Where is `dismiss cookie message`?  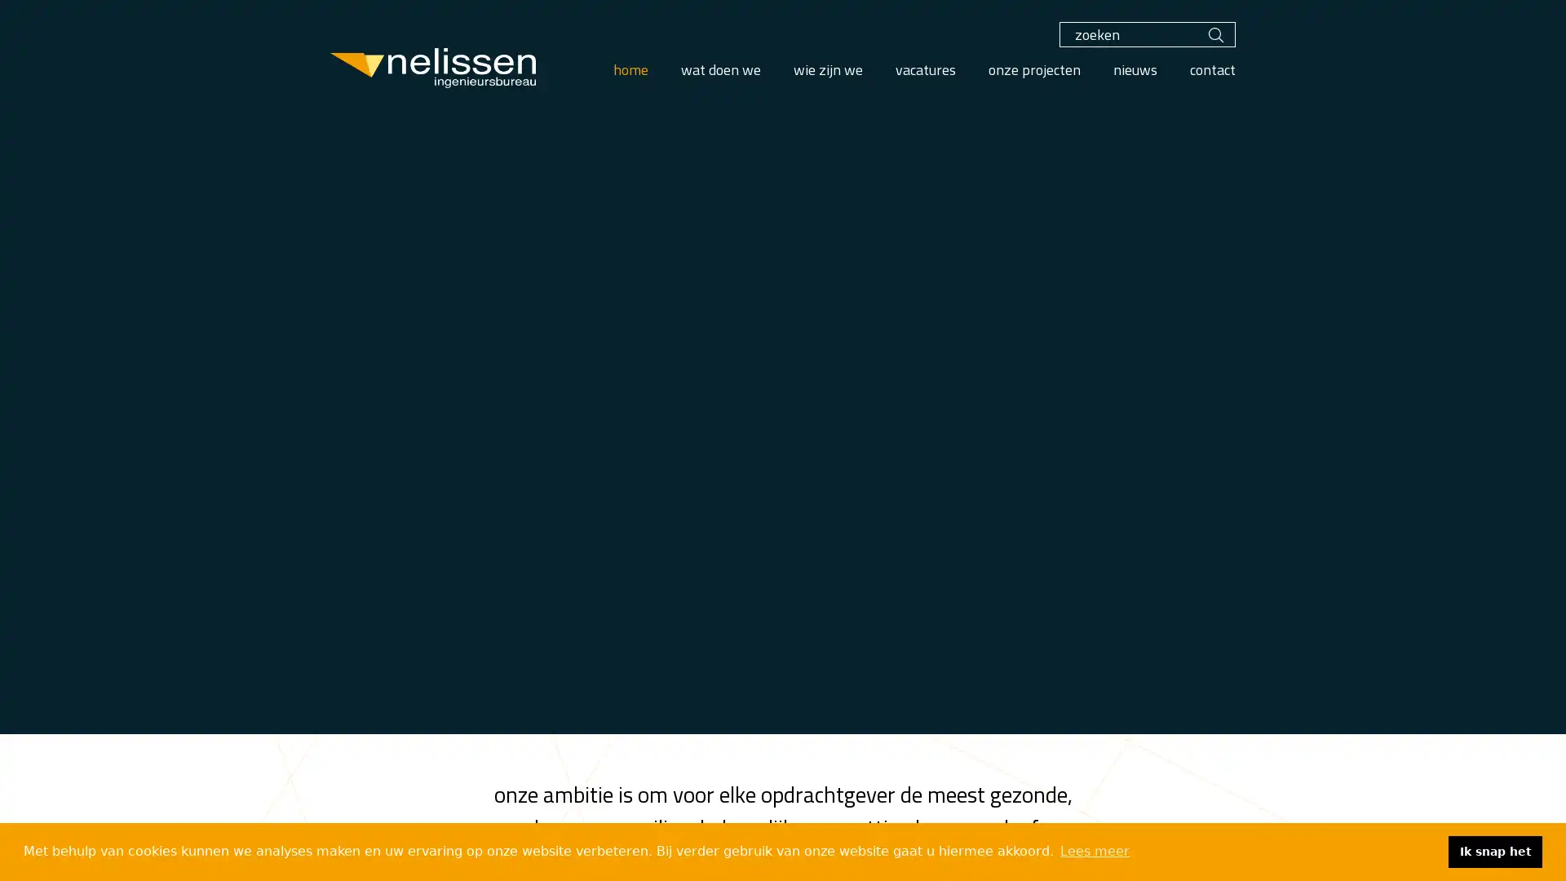 dismiss cookie message is located at coordinates (1495, 851).